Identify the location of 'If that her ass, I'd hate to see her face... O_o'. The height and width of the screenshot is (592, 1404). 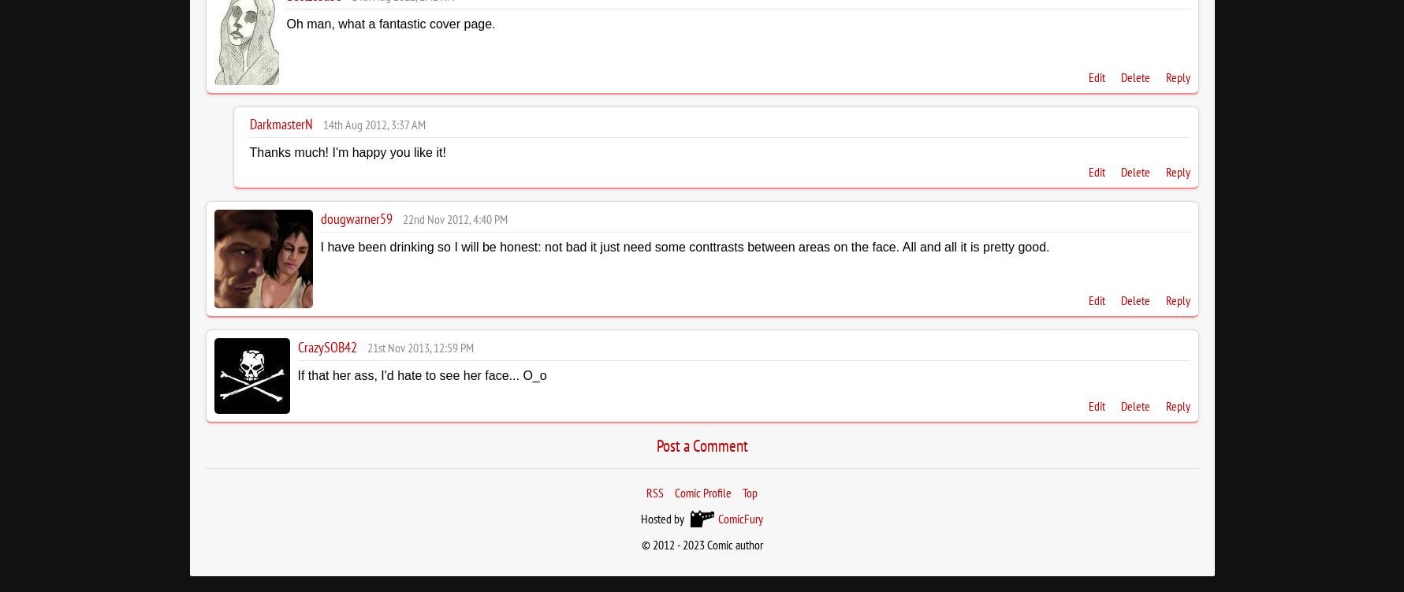
(422, 375).